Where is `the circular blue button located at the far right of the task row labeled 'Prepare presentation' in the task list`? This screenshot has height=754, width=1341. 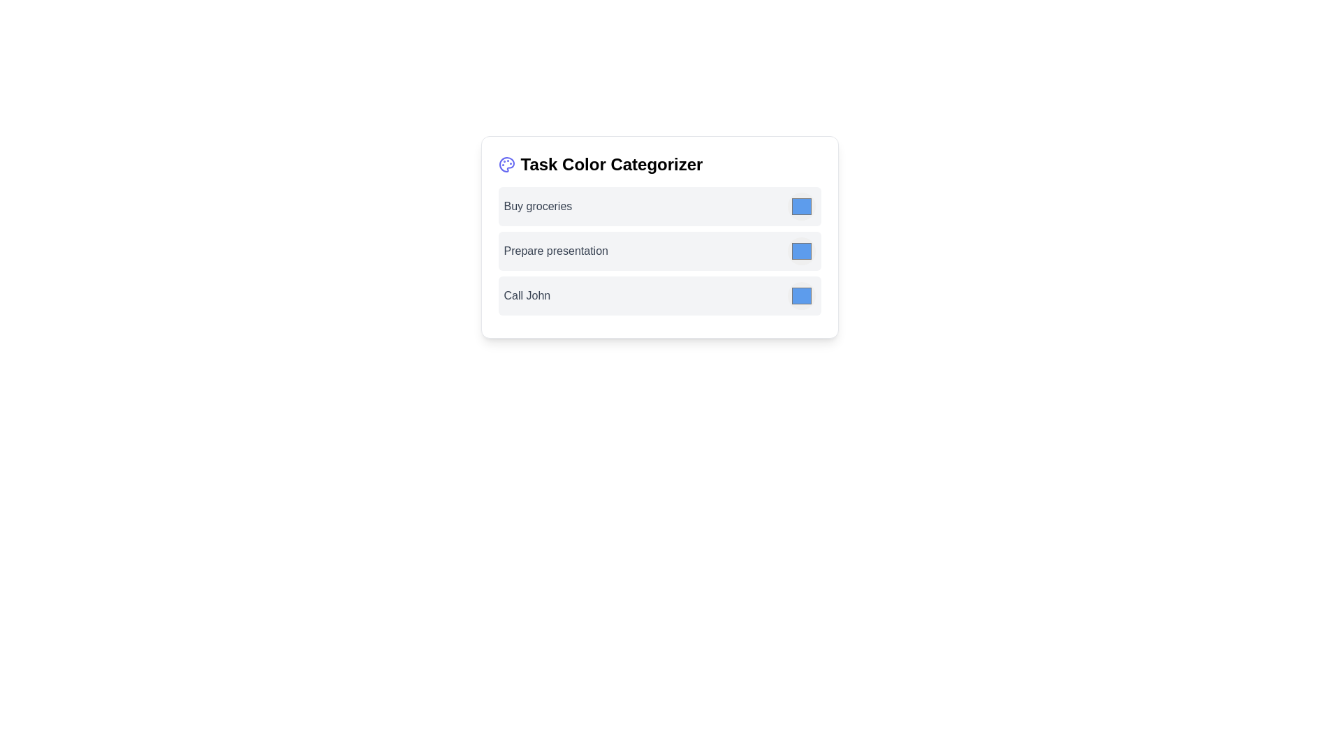
the circular blue button located at the far right of the task row labeled 'Prepare presentation' in the task list is located at coordinates (801, 250).